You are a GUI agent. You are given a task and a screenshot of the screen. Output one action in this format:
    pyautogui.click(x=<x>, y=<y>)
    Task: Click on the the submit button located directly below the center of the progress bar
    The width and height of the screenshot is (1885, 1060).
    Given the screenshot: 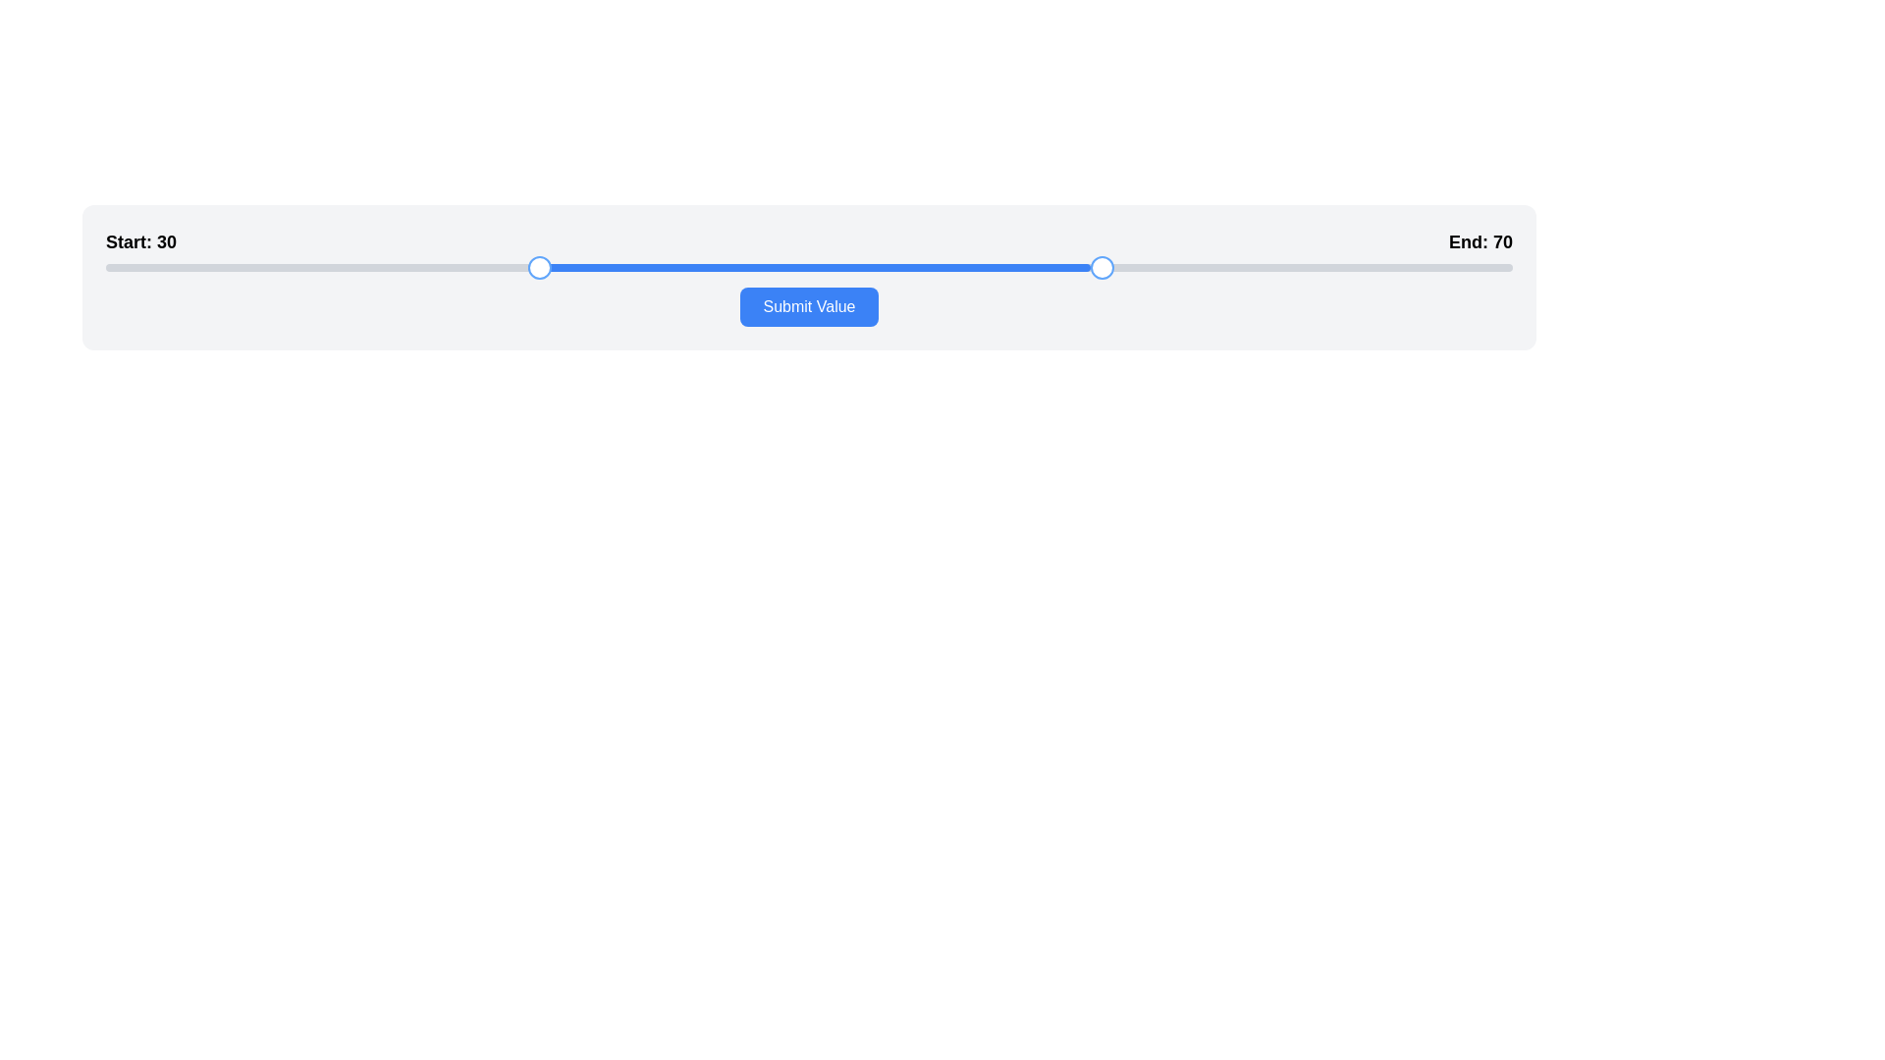 What is the action you would take?
    pyautogui.click(x=809, y=306)
    